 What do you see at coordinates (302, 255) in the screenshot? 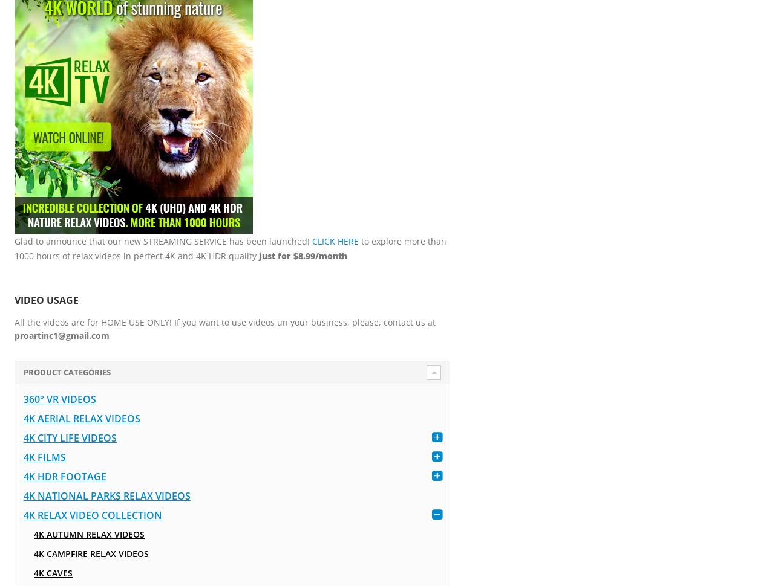
I see `'just for $8.99/month'` at bounding box center [302, 255].